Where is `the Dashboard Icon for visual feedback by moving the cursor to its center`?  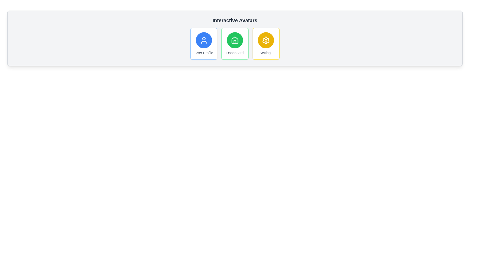 the Dashboard Icon for visual feedback by moving the cursor to its center is located at coordinates (234, 40).